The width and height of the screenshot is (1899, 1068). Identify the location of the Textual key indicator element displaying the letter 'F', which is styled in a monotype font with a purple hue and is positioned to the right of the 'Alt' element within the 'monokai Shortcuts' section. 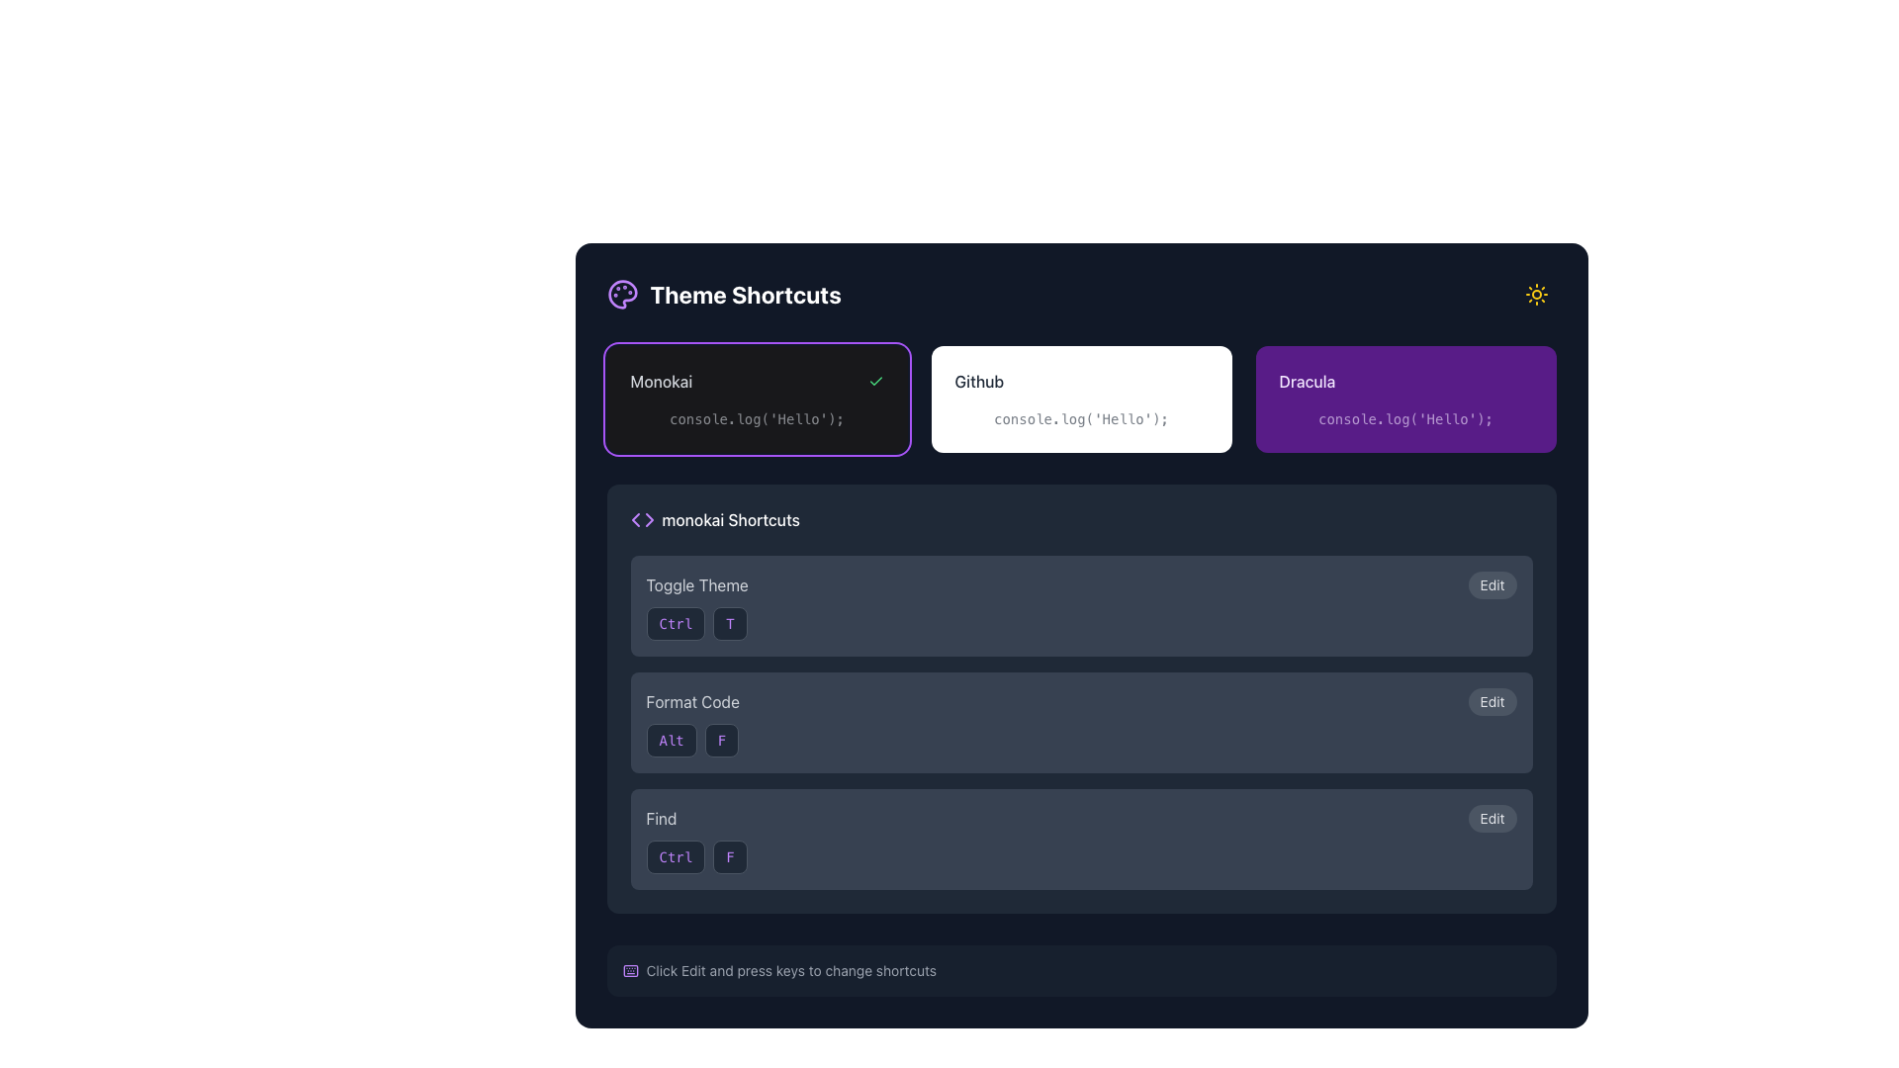
(720, 740).